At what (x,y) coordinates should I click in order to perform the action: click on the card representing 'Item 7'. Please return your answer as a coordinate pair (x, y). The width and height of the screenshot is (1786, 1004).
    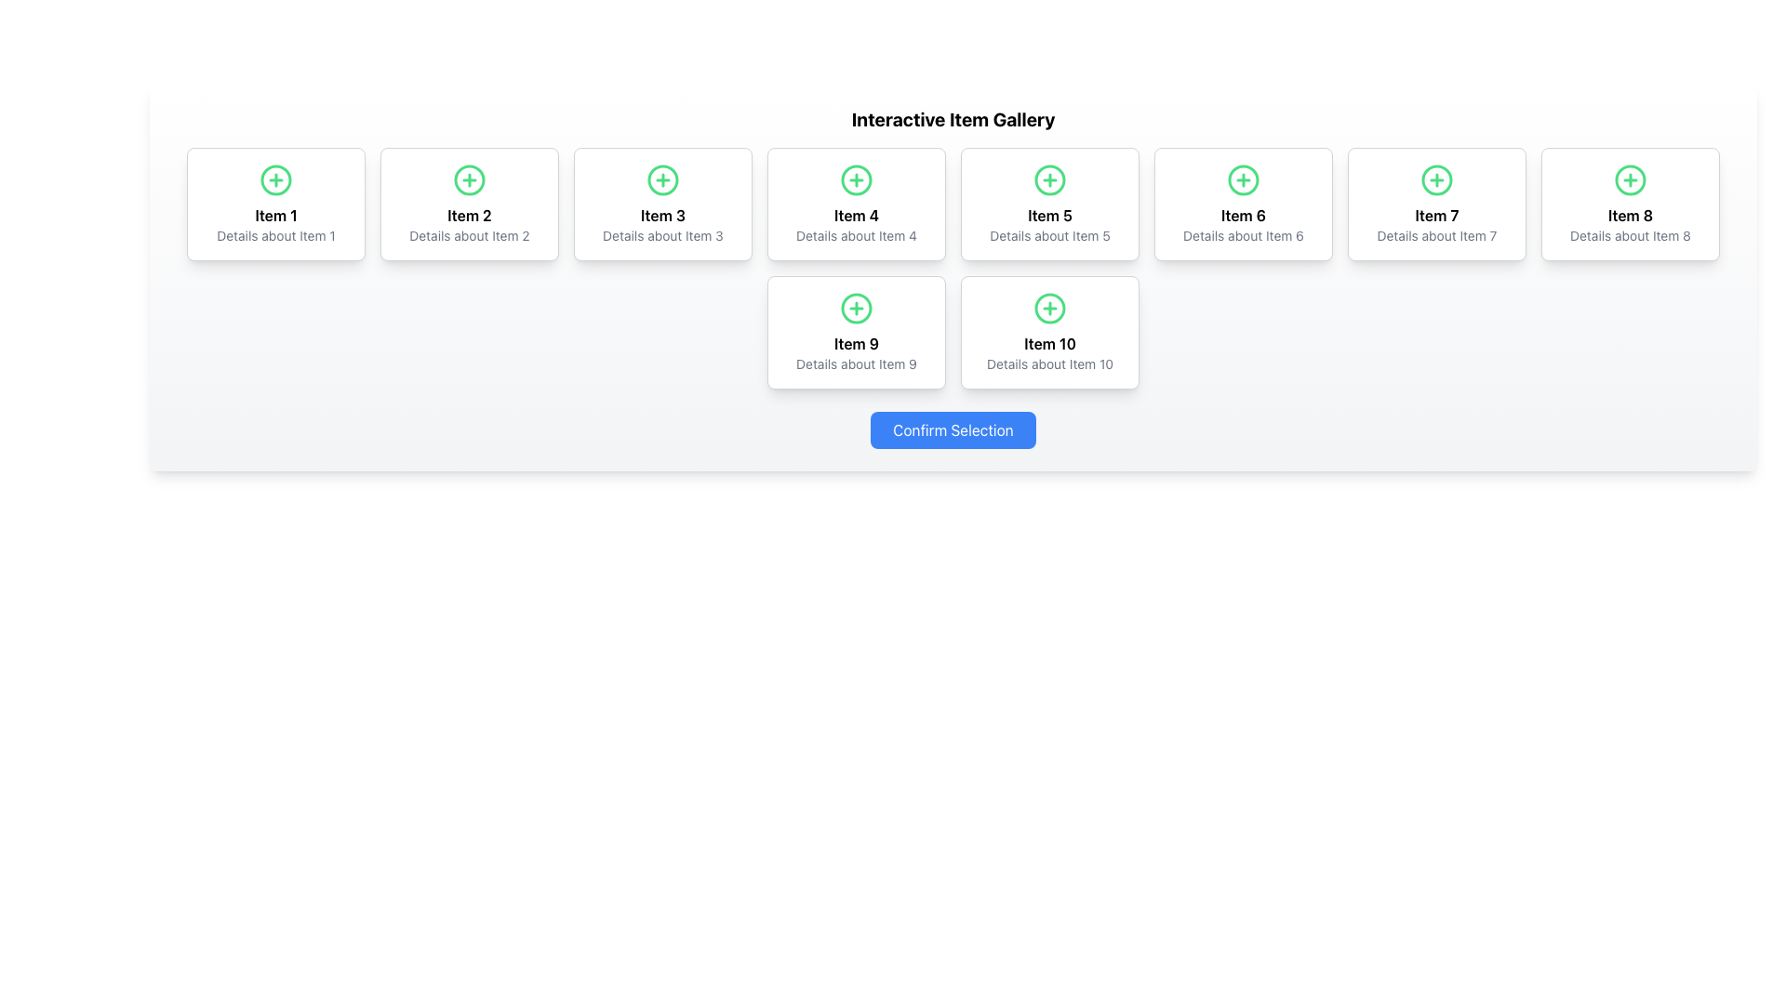
    Looking at the image, I should click on (1436, 204).